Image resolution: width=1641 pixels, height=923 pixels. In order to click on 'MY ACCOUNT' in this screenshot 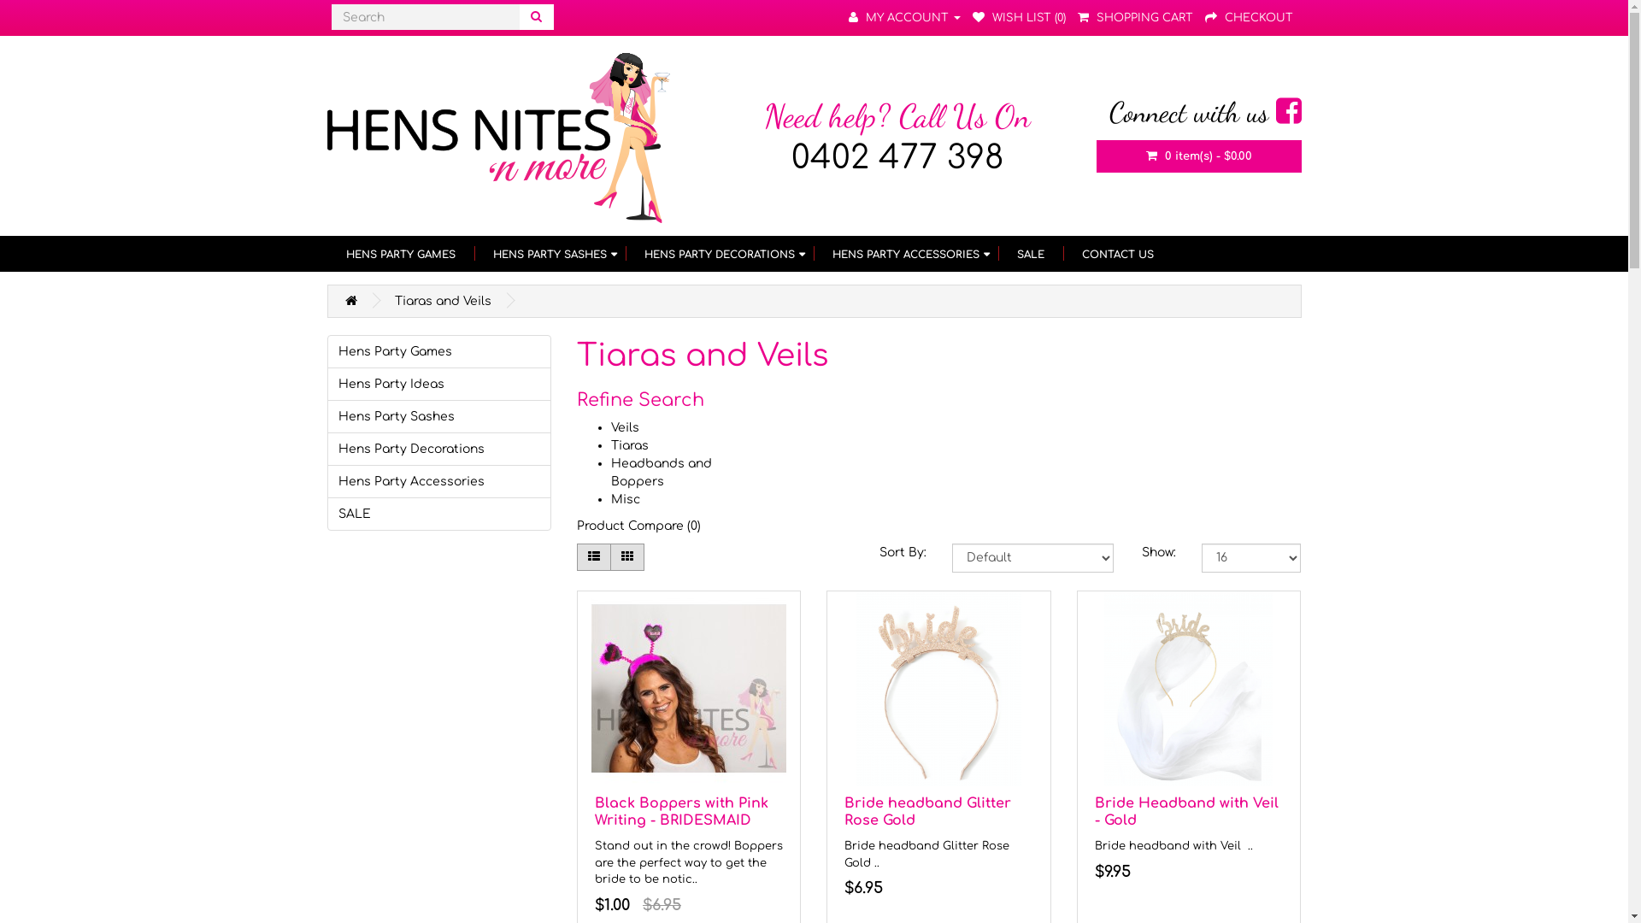, I will do `click(903, 17)`.